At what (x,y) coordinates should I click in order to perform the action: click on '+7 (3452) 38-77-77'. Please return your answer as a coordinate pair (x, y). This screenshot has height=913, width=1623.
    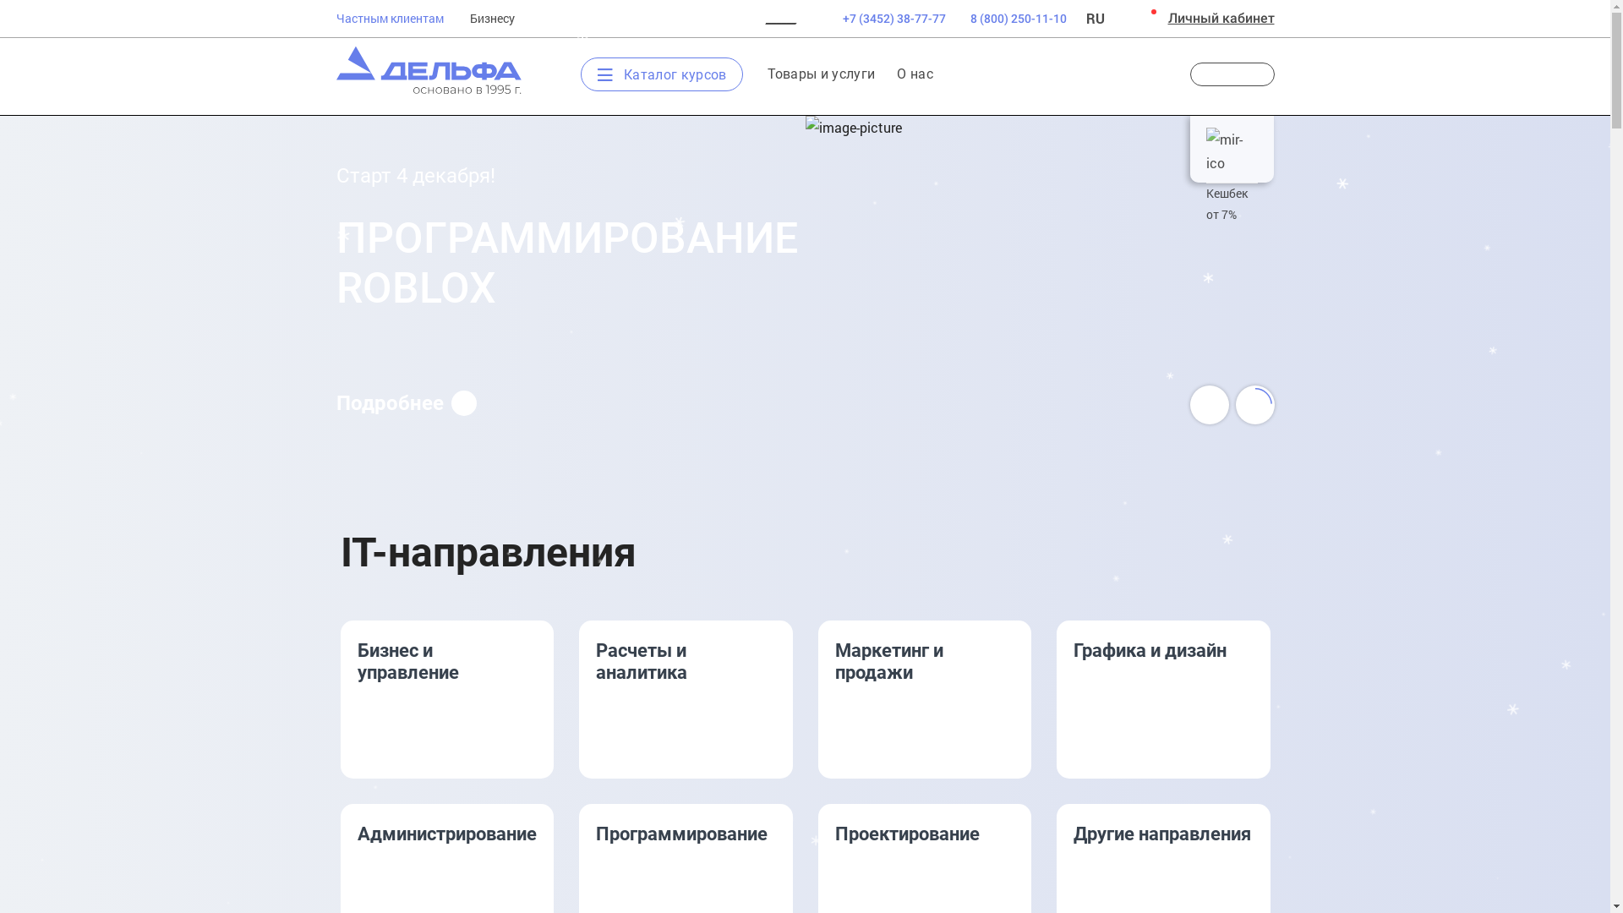
    Looking at the image, I should click on (881, 19).